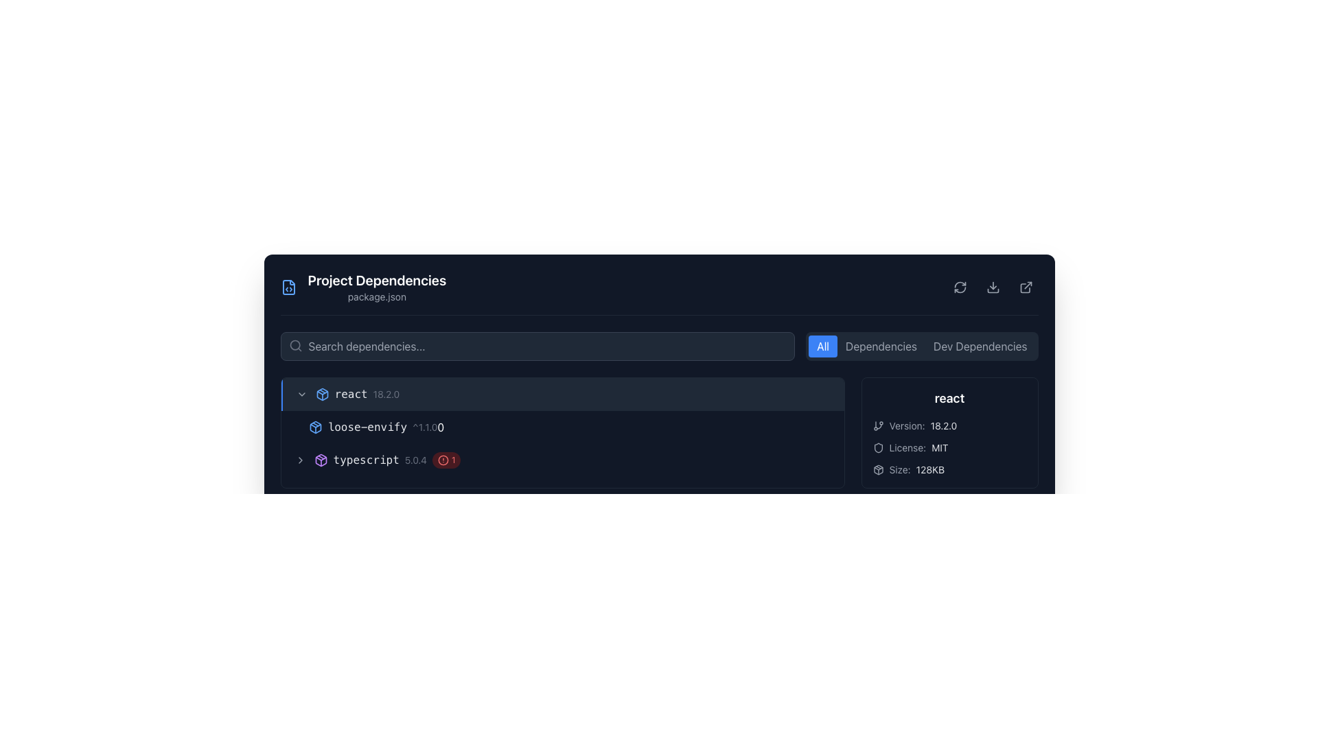 The height and width of the screenshot is (741, 1318). I want to click on the search icon located to the left of the 'Search dependencies...' input field, which signifies the search function for looking up dependencies, so click(294, 345).